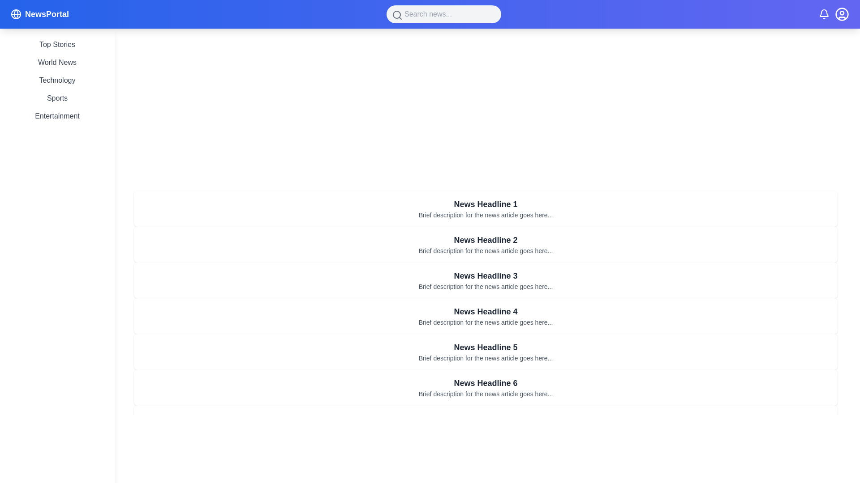  What do you see at coordinates (57, 80) in the screenshot?
I see `the third text-based navigation link in the vertical menu of the left sidebar` at bounding box center [57, 80].